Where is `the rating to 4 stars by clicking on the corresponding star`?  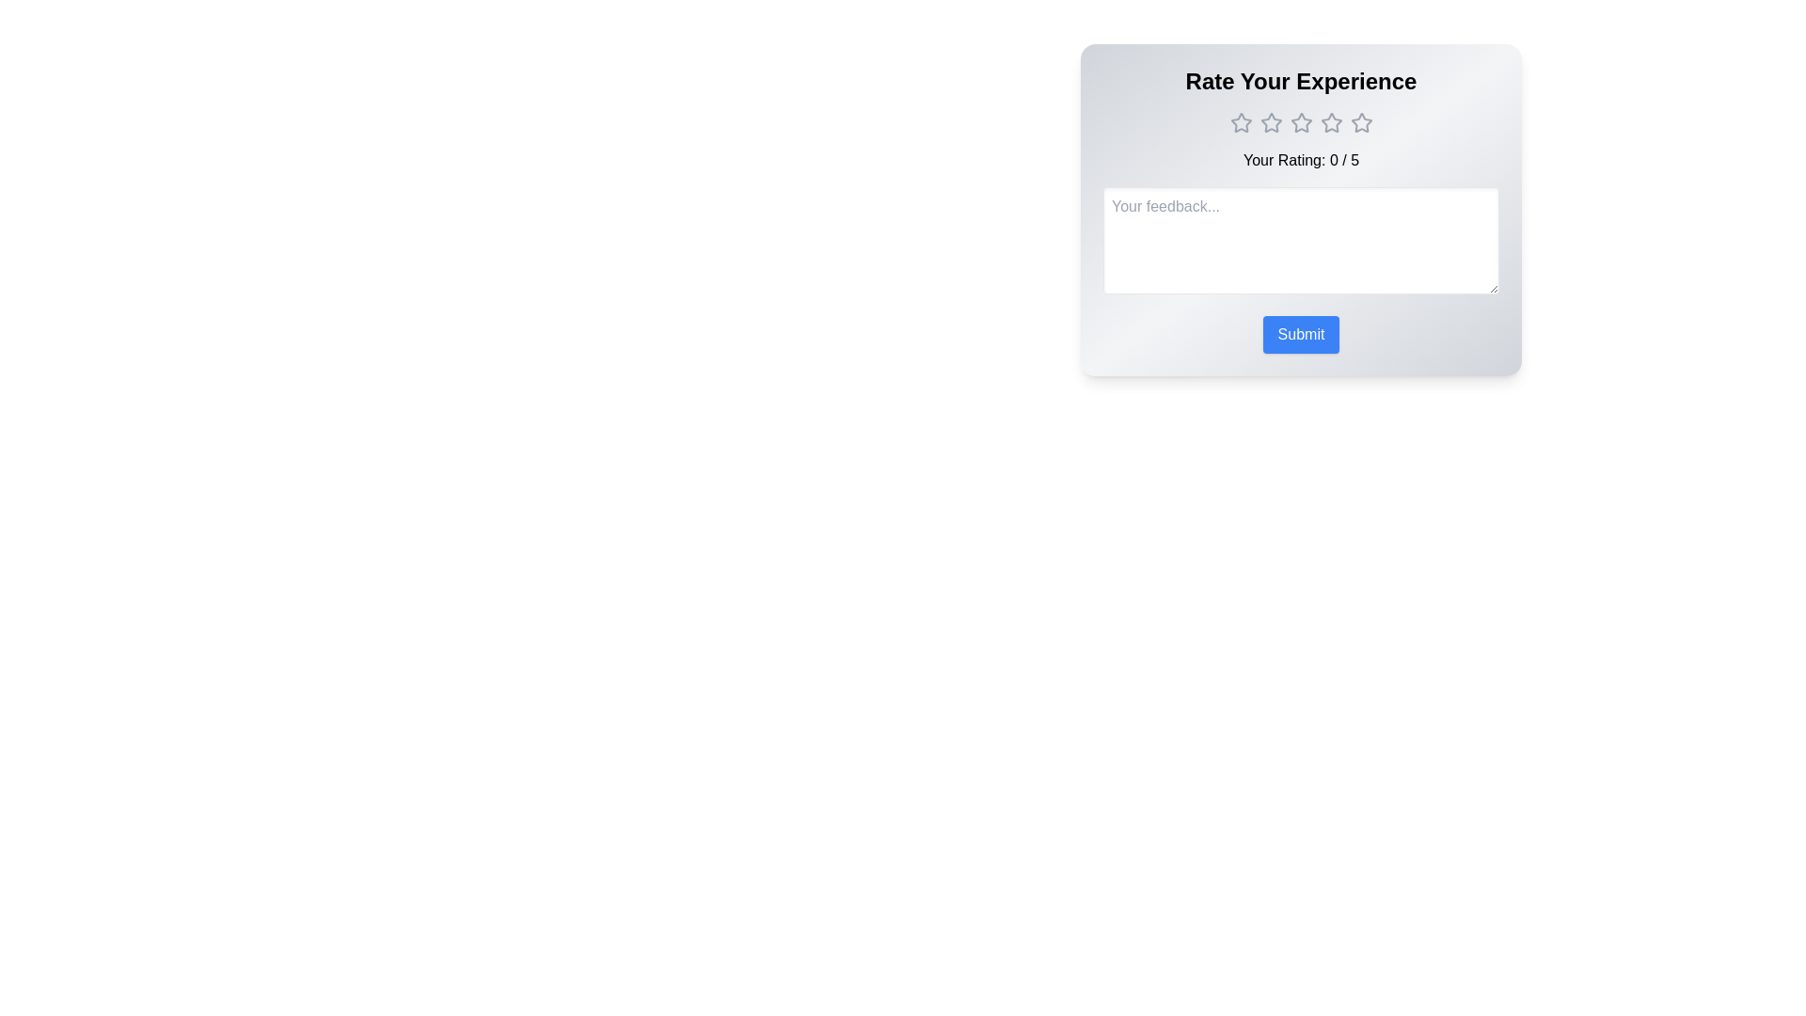 the rating to 4 stars by clicking on the corresponding star is located at coordinates (1330, 123).